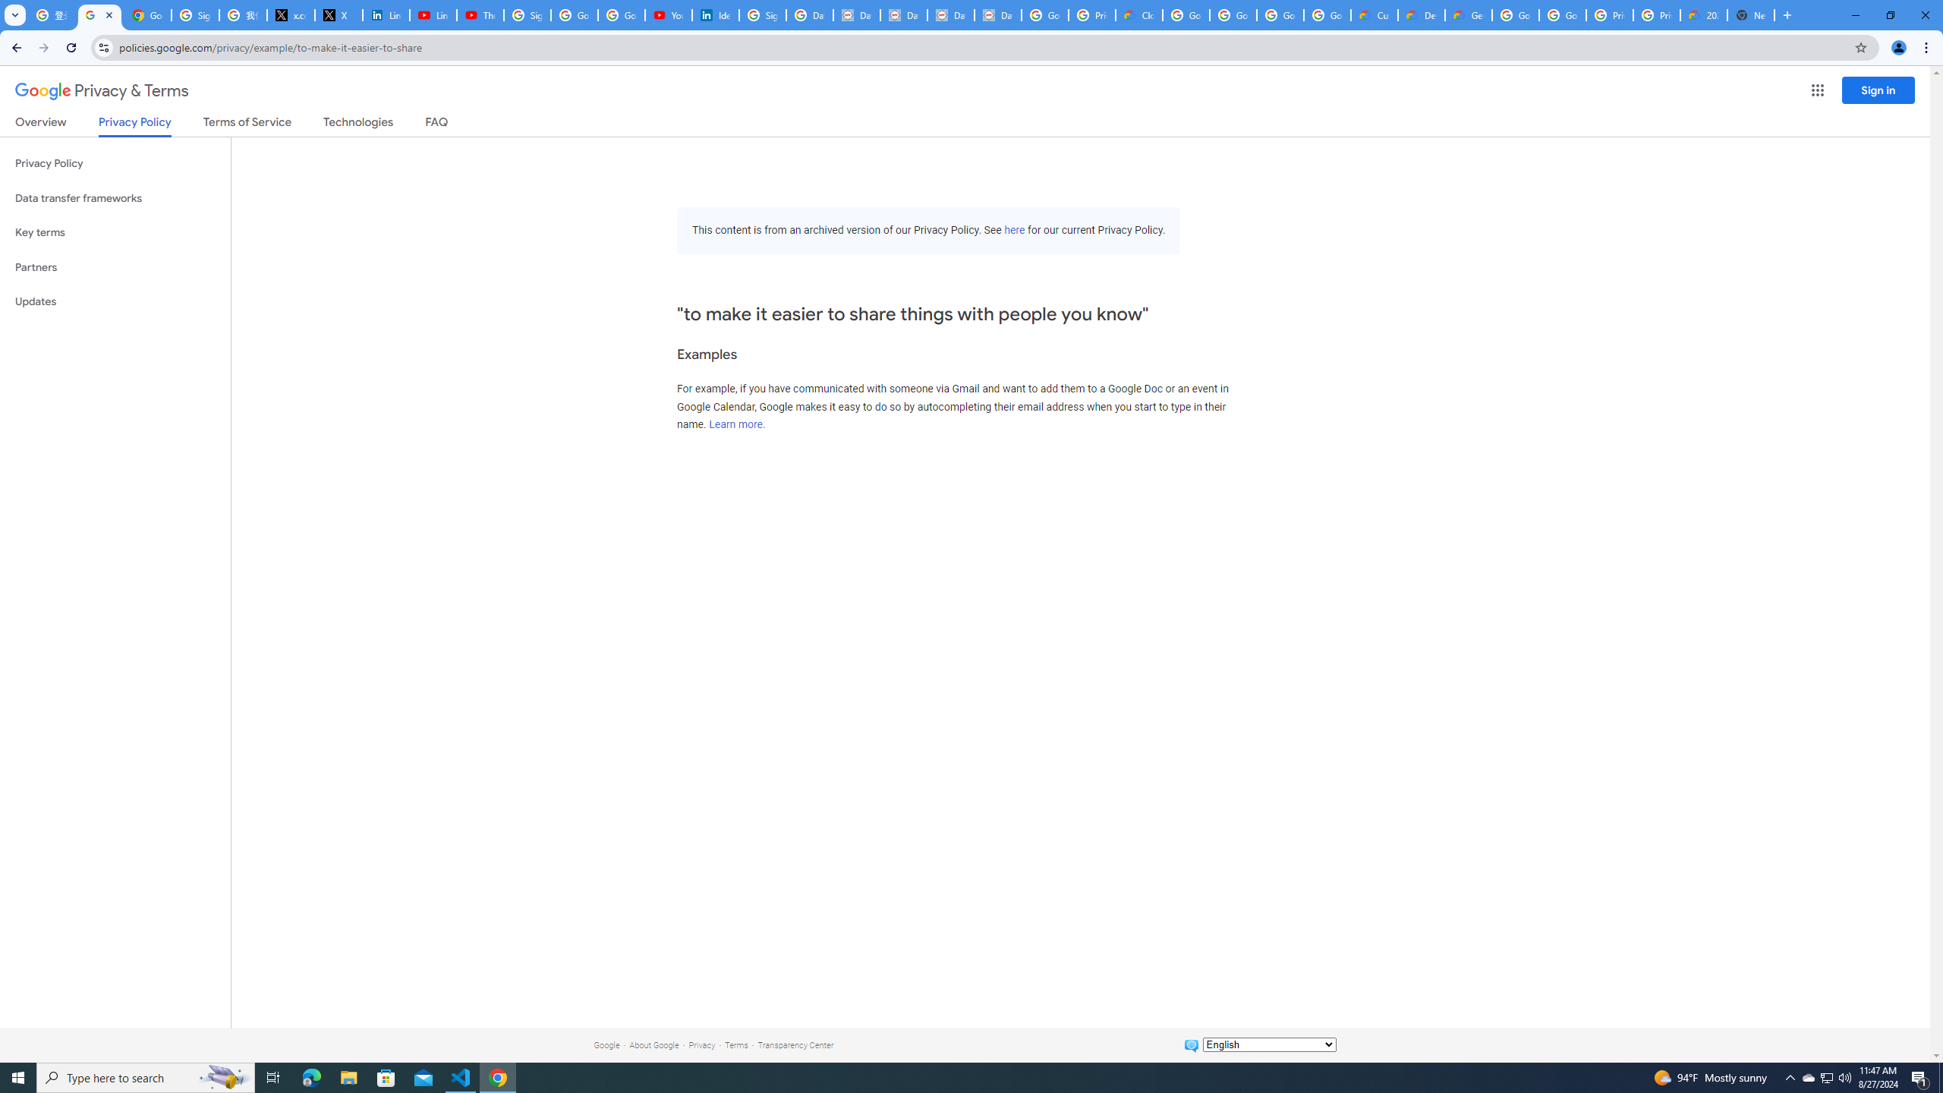 The width and height of the screenshot is (1943, 1093). Describe the element at coordinates (606, 1044) in the screenshot. I see `'Google'` at that location.